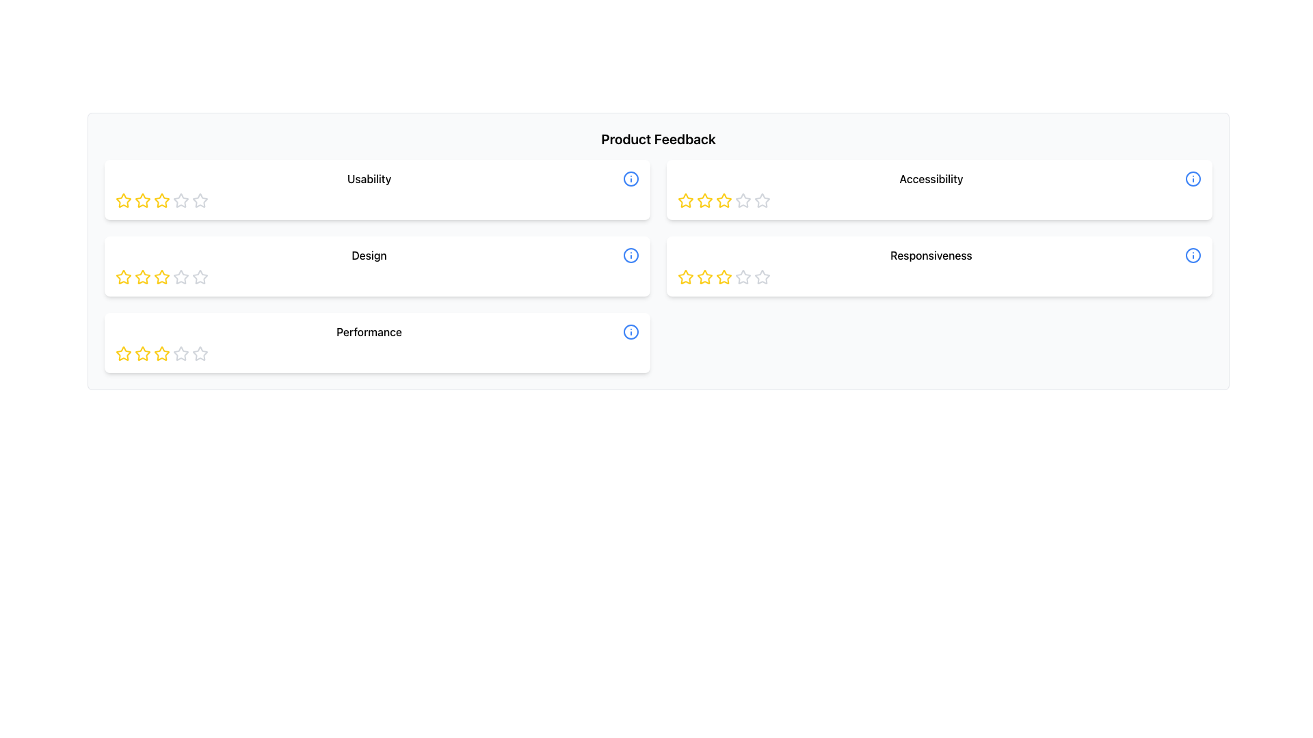 The width and height of the screenshot is (1313, 738). I want to click on the circular blue outlined info icon located to the right of the text 'Design', so click(630, 256).